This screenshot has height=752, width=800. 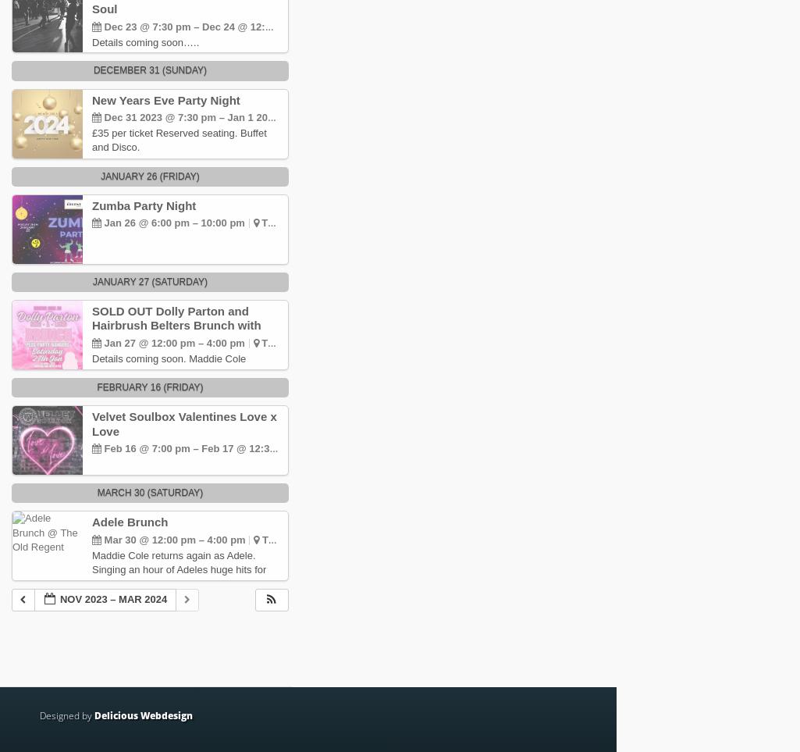 What do you see at coordinates (174, 222) in the screenshot?
I see `'Jan 26 @ 6:00 pm – 10:00 pm'` at bounding box center [174, 222].